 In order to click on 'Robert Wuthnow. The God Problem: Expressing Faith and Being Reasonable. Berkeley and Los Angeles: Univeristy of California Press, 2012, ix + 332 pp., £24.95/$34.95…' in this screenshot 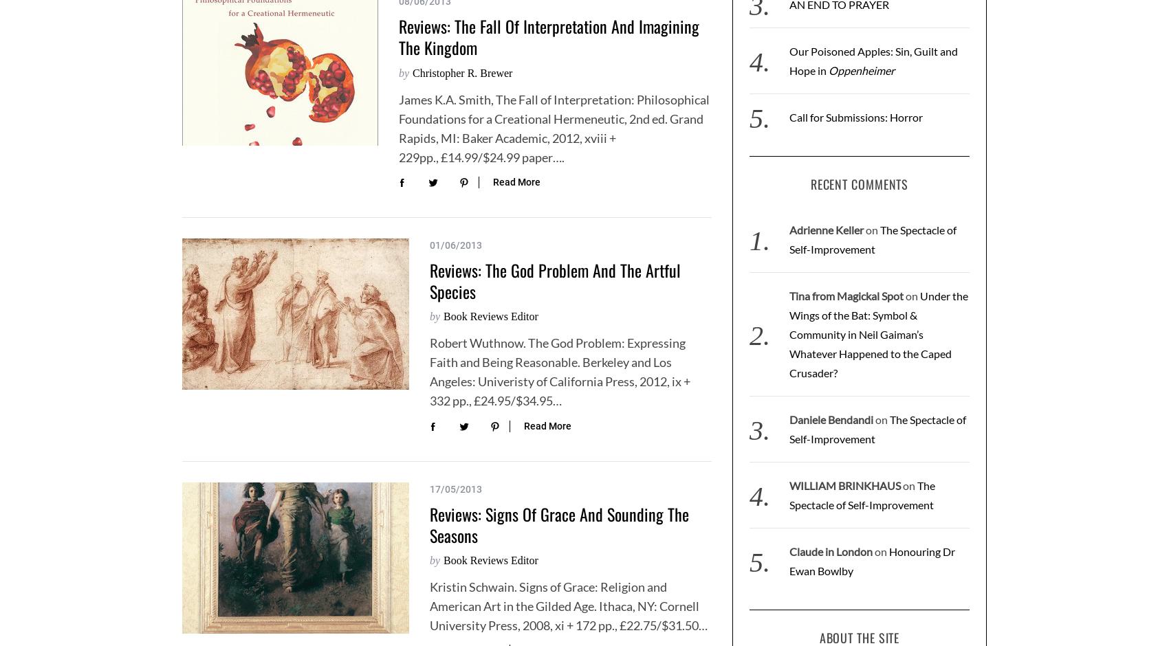, I will do `click(428, 370)`.